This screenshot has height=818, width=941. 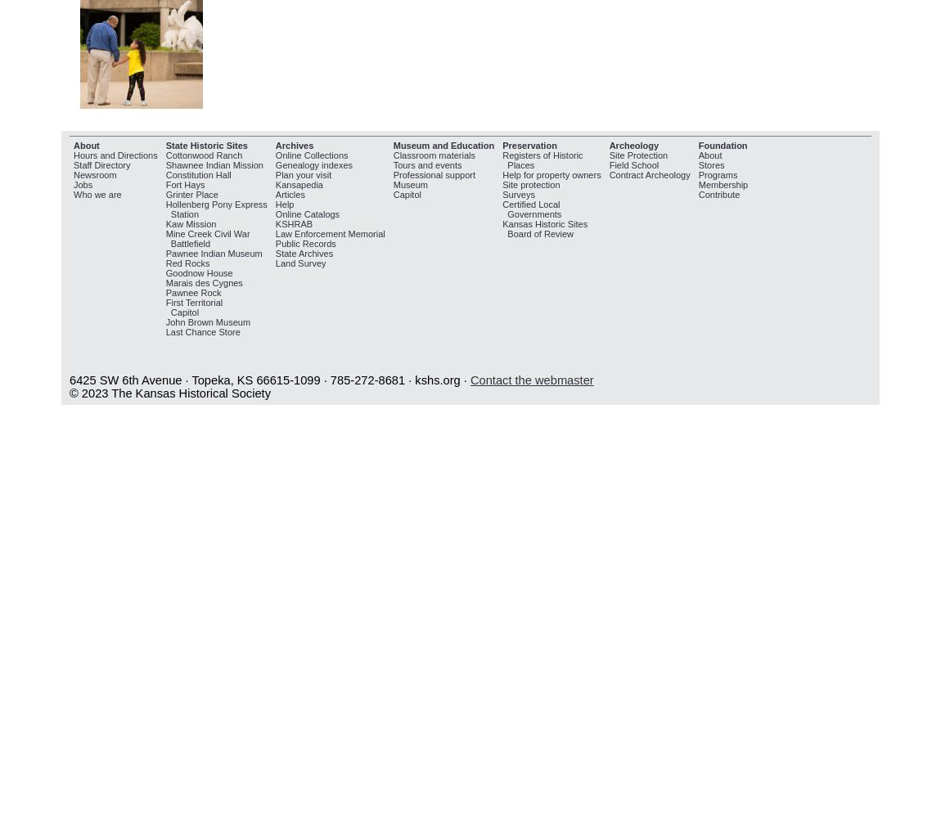 What do you see at coordinates (191, 291) in the screenshot?
I see `'Pawnee Rock'` at bounding box center [191, 291].